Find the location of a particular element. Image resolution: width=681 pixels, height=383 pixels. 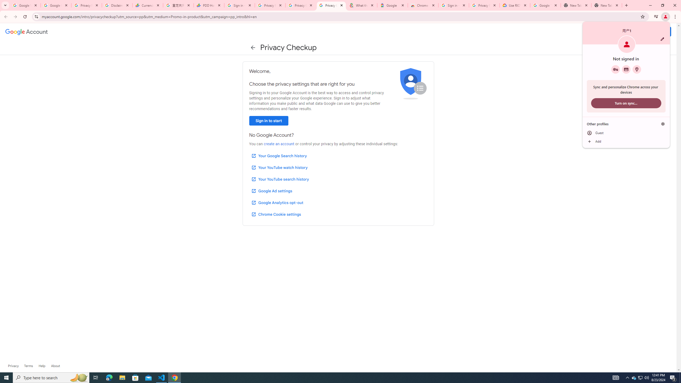

'Add' is located at coordinates (626, 141).